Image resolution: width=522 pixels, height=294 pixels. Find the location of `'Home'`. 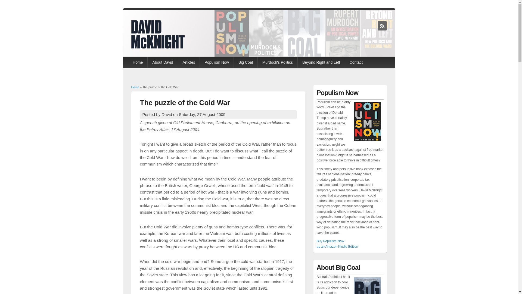

'Home' is located at coordinates (138, 62).